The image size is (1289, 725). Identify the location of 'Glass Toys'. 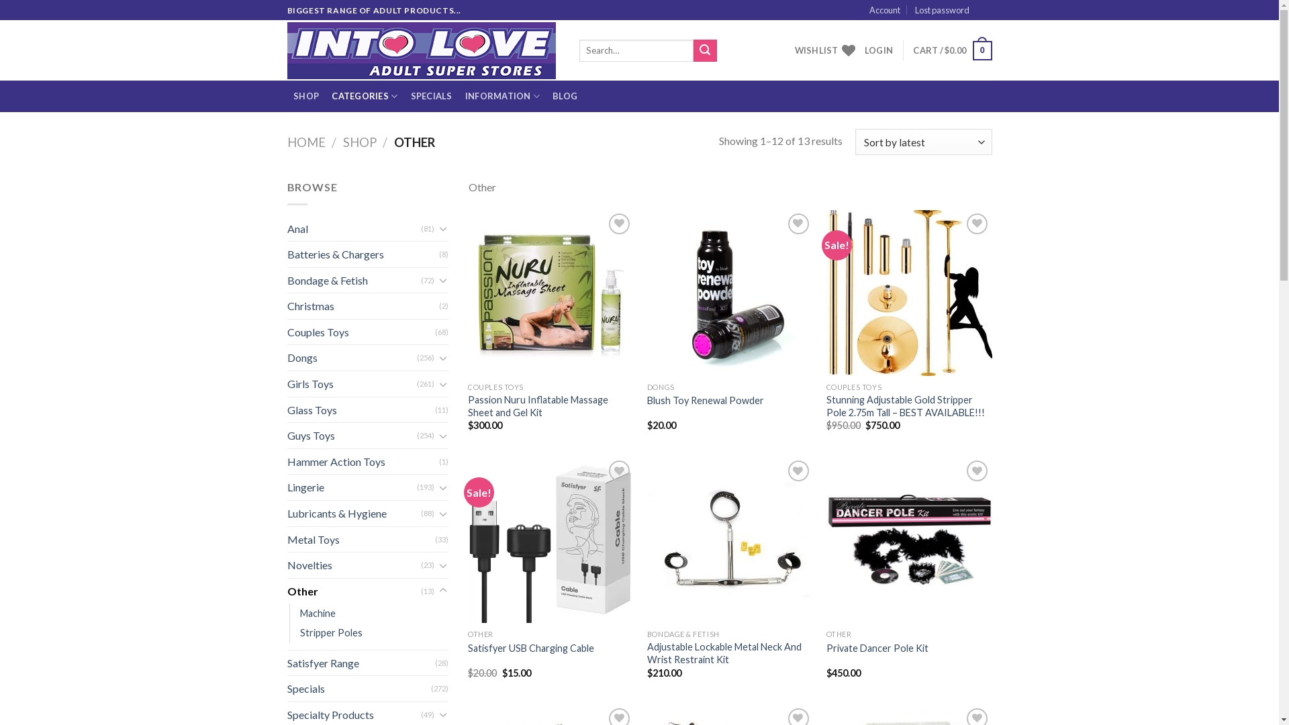
(361, 409).